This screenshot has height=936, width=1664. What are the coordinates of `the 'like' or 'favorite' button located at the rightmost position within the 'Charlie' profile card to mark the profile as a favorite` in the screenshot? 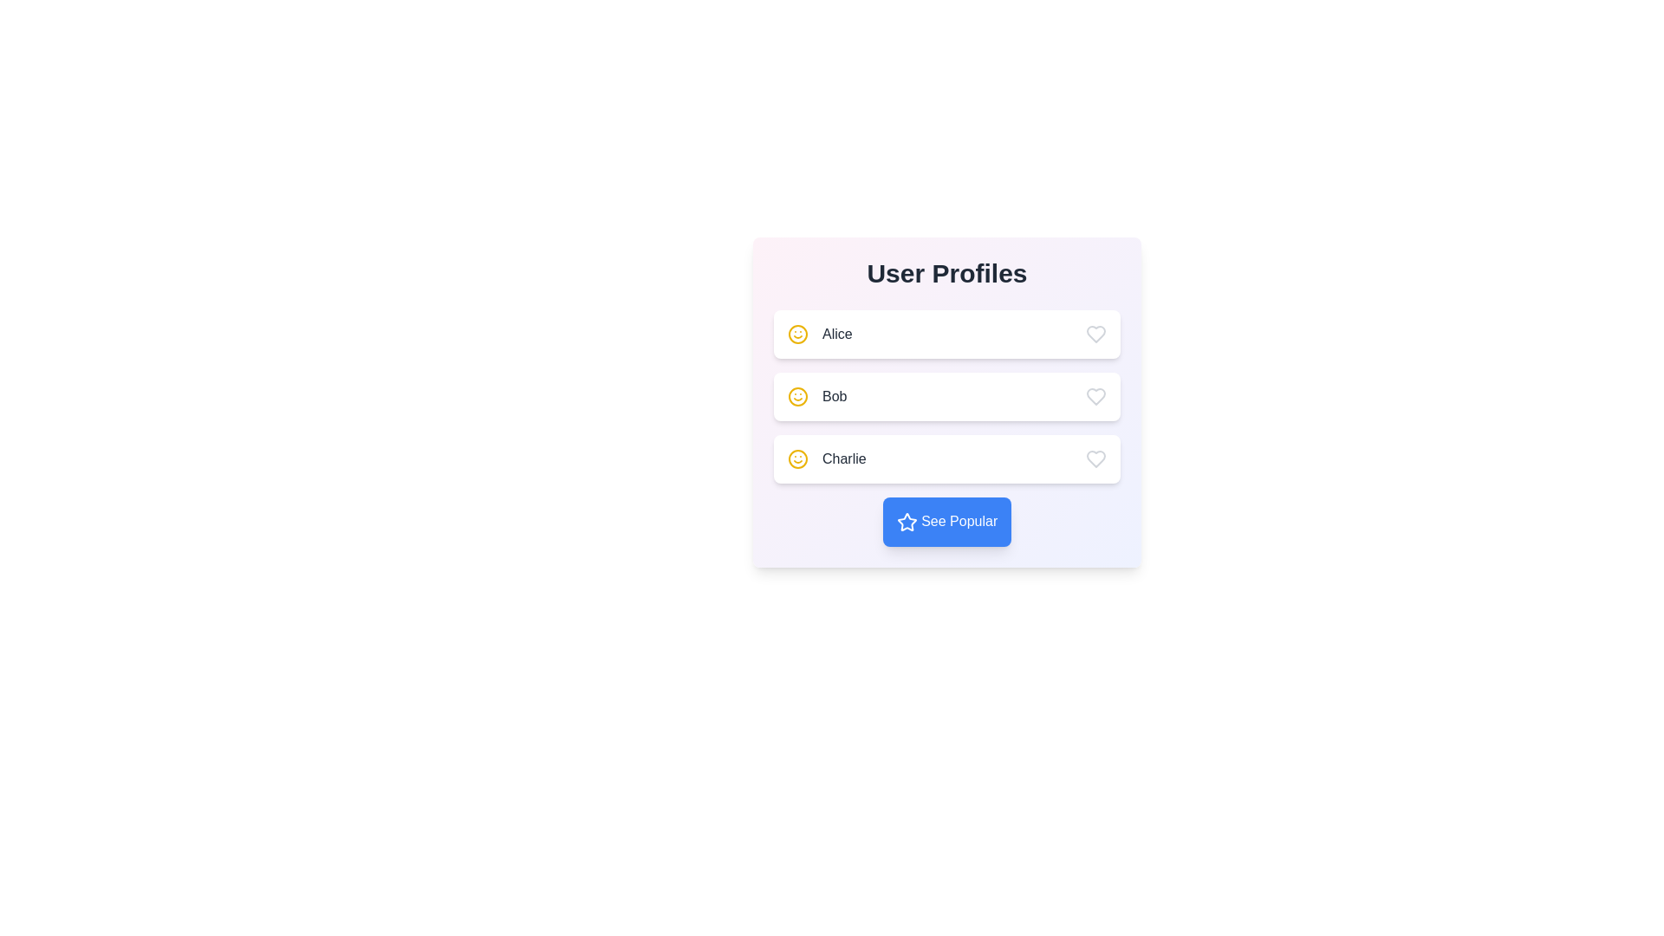 It's located at (1095, 458).